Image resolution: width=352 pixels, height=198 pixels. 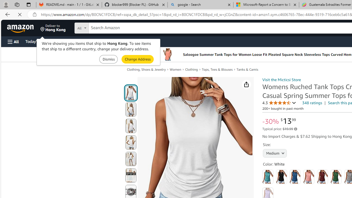 What do you see at coordinates (37, 41) in the screenshot?
I see `'Today'` at bounding box center [37, 41].